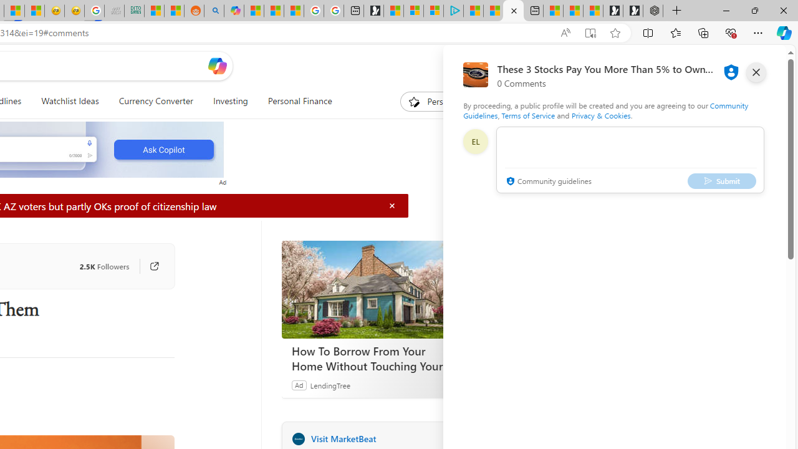 The image size is (798, 449). What do you see at coordinates (155, 101) in the screenshot?
I see `'Currency Converter'` at bounding box center [155, 101].